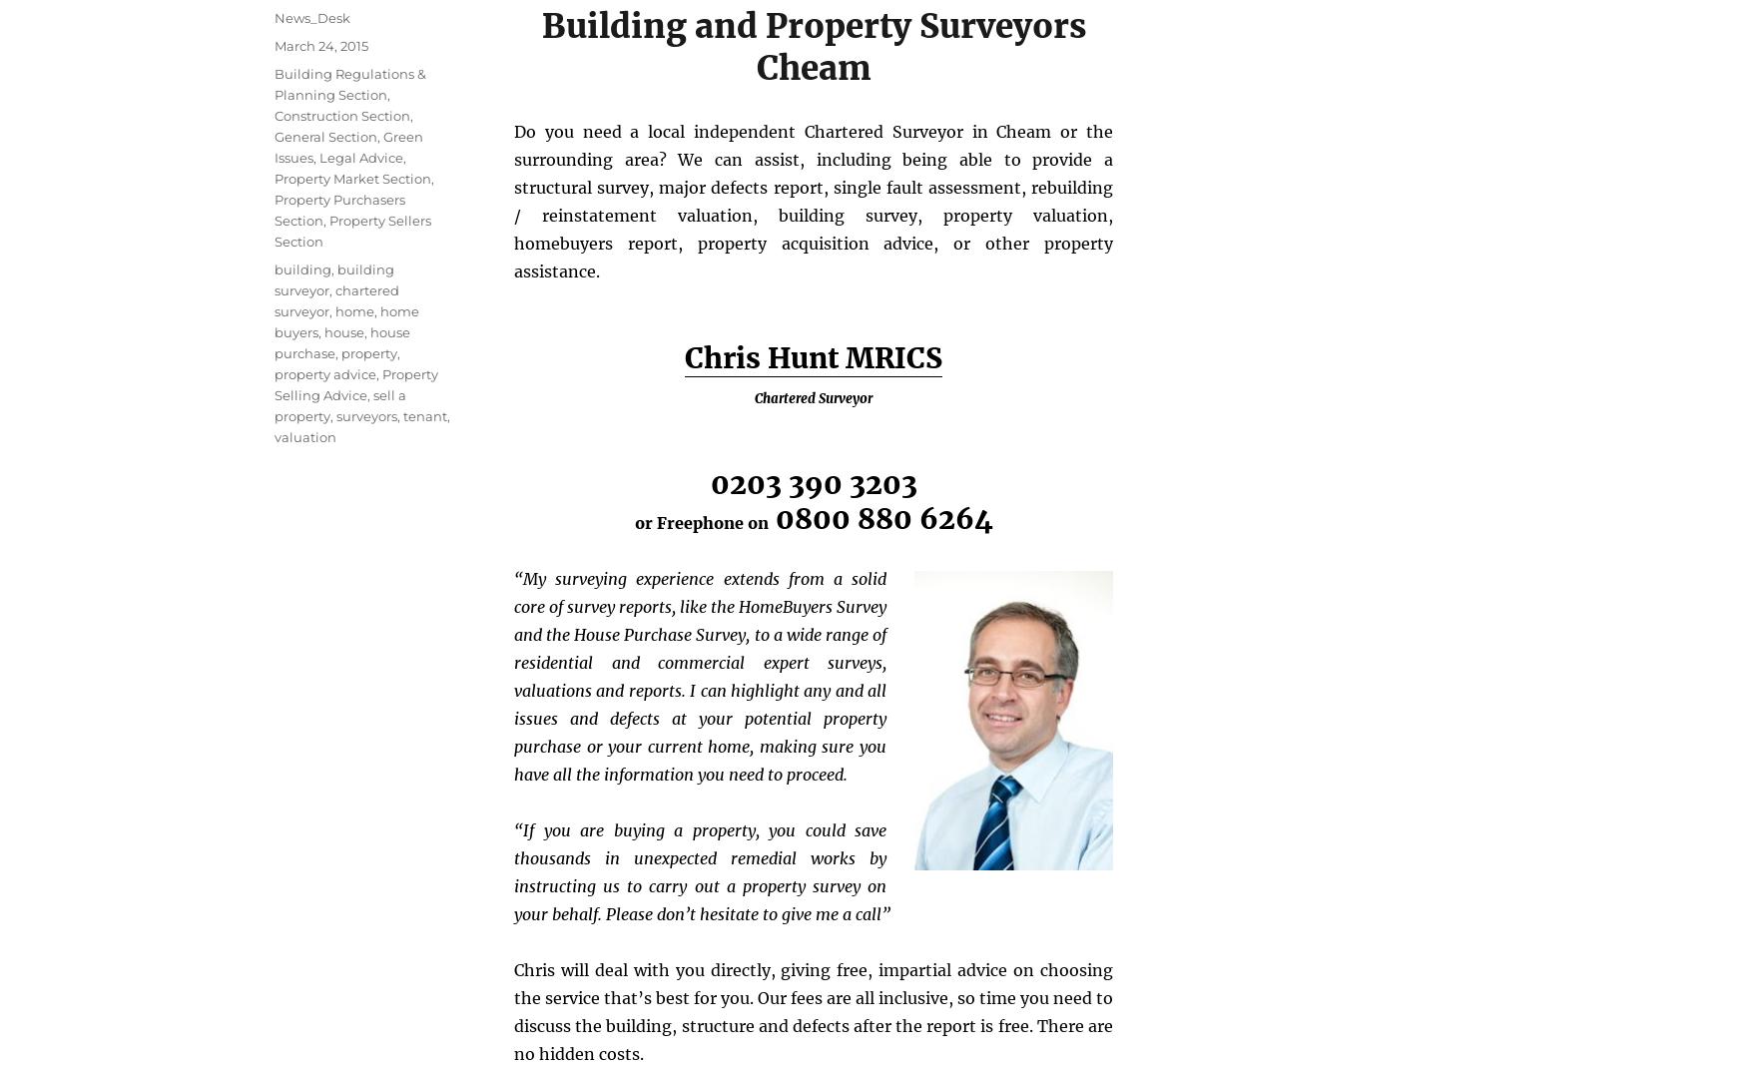 The height and width of the screenshot is (1069, 1747). What do you see at coordinates (343, 330) in the screenshot?
I see `'house'` at bounding box center [343, 330].